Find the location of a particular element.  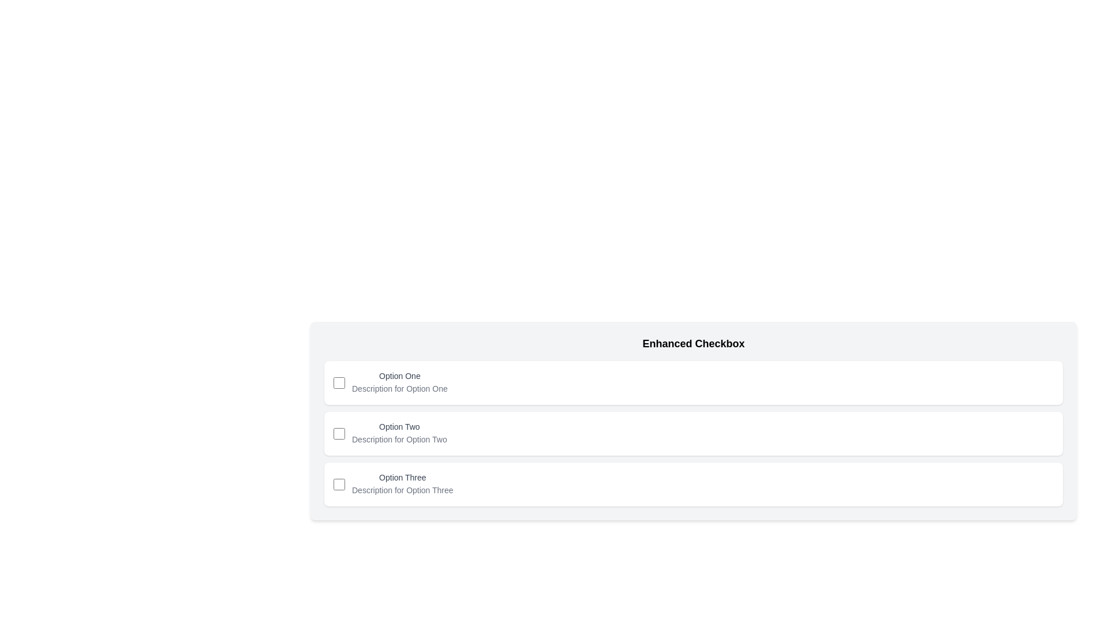

the Text Label with Description located in the second row of the list, providing context for the associated checkbox is located at coordinates (399, 434).